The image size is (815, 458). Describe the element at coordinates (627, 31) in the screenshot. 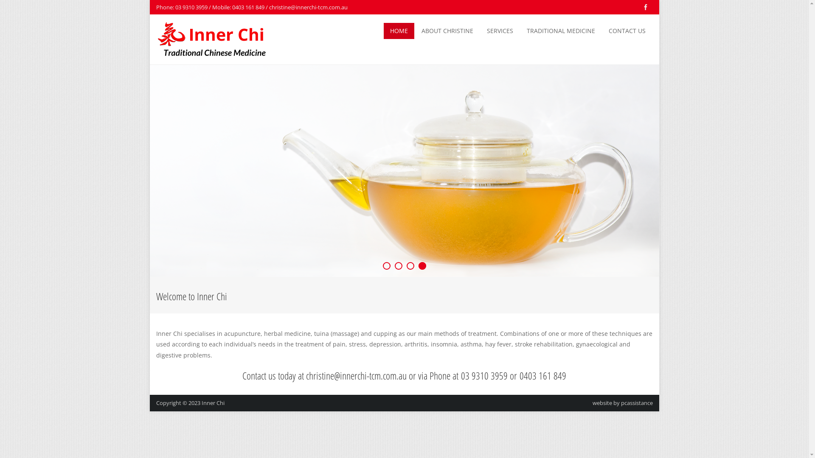

I see `'CONTACT US'` at that location.